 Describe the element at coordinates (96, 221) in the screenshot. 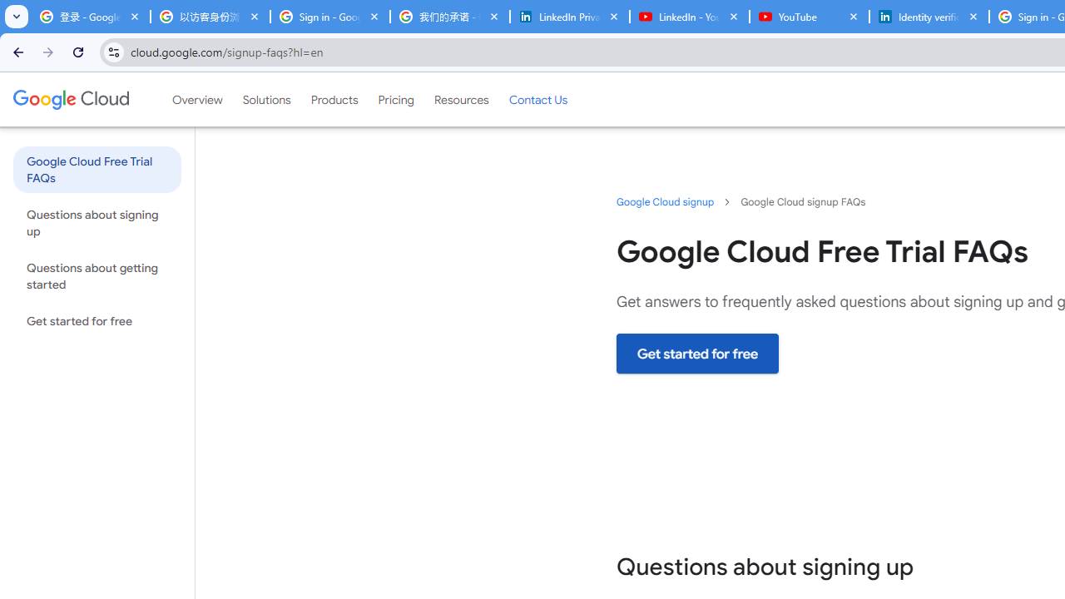

I see `'Questions about signing up'` at that location.